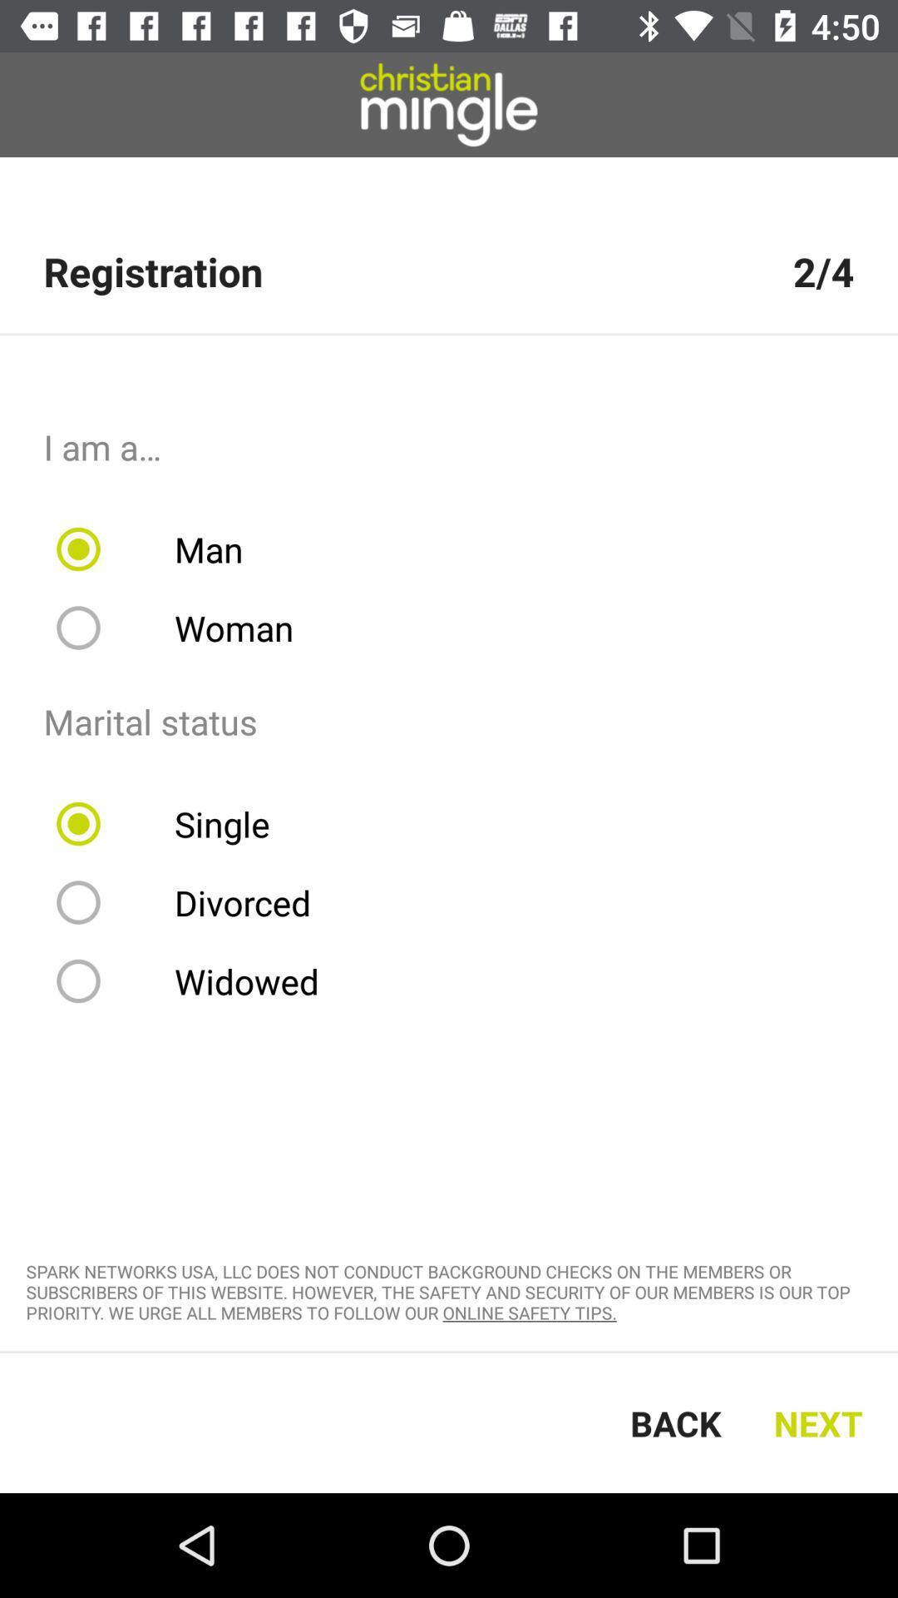 The height and width of the screenshot is (1598, 898). I want to click on the woman icon, so click(185, 627).